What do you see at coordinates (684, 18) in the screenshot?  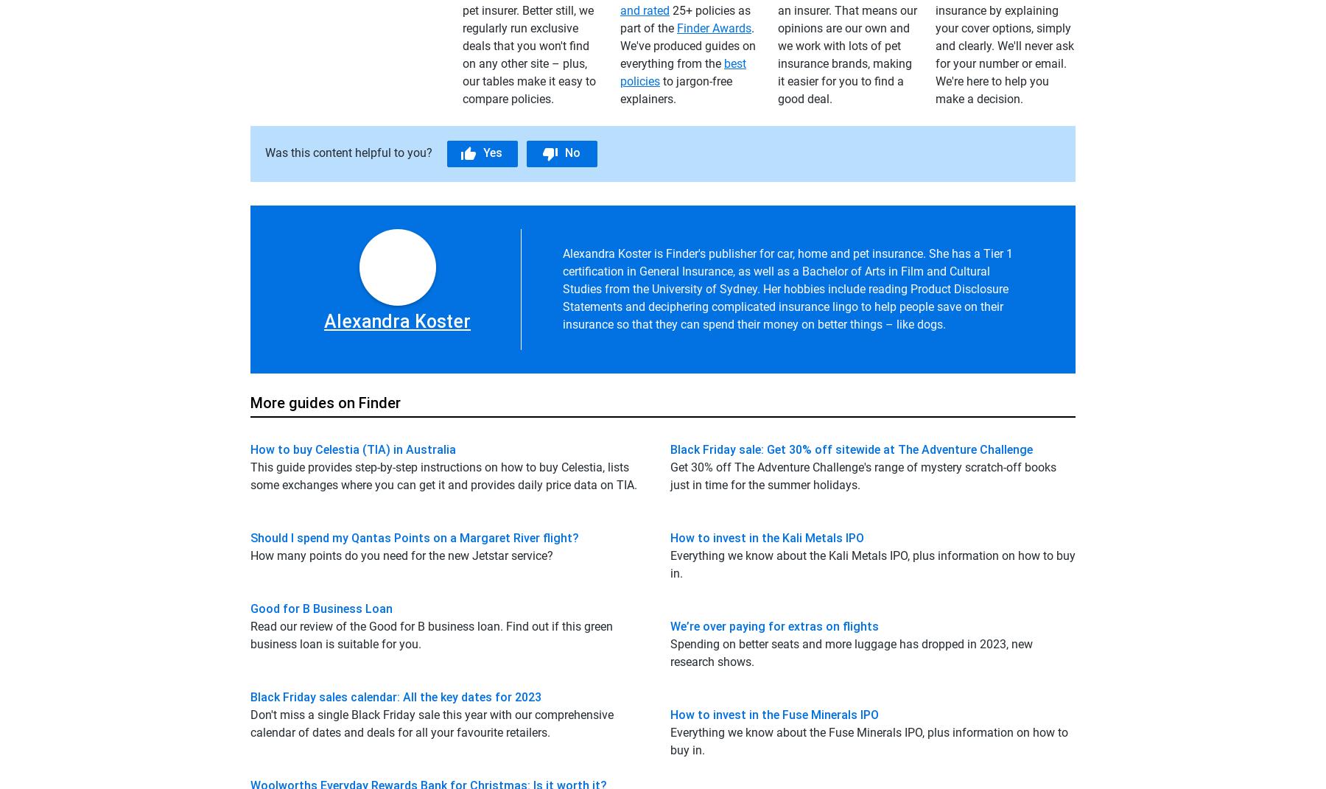 I see `'25+ policies as part of the'` at bounding box center [684, 18].